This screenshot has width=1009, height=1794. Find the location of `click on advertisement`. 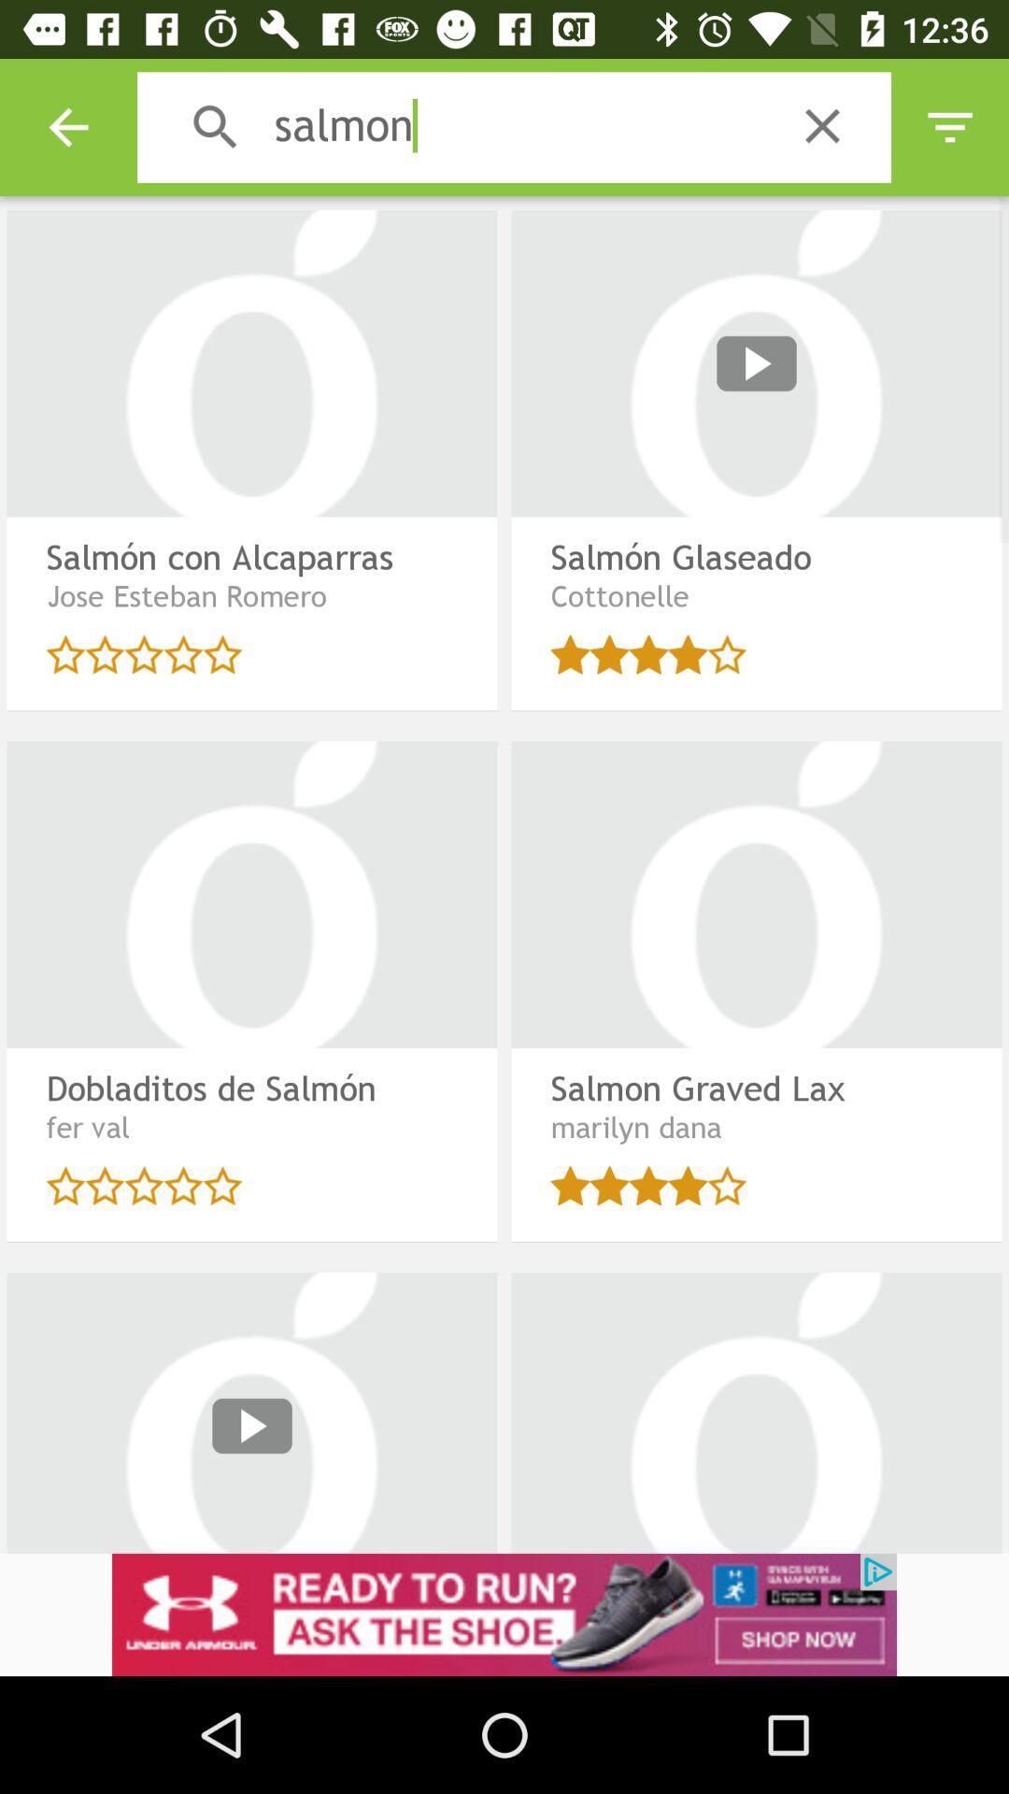

click on advertisement is located at coordinates (504, 1614).